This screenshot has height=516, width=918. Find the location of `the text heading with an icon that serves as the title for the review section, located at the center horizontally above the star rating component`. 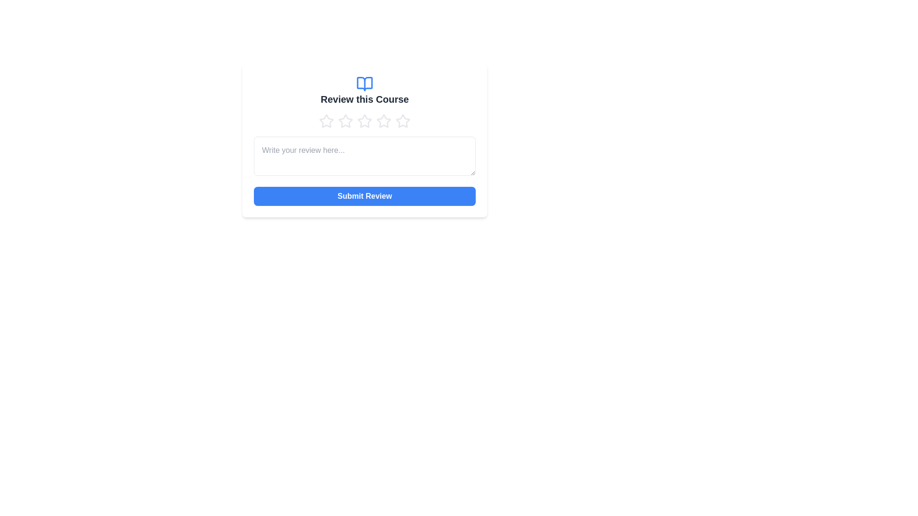

the text heading with an icon that serves as the title for the review section, located at the center horizontally above the star rating component is located at coordinates (364, 90).